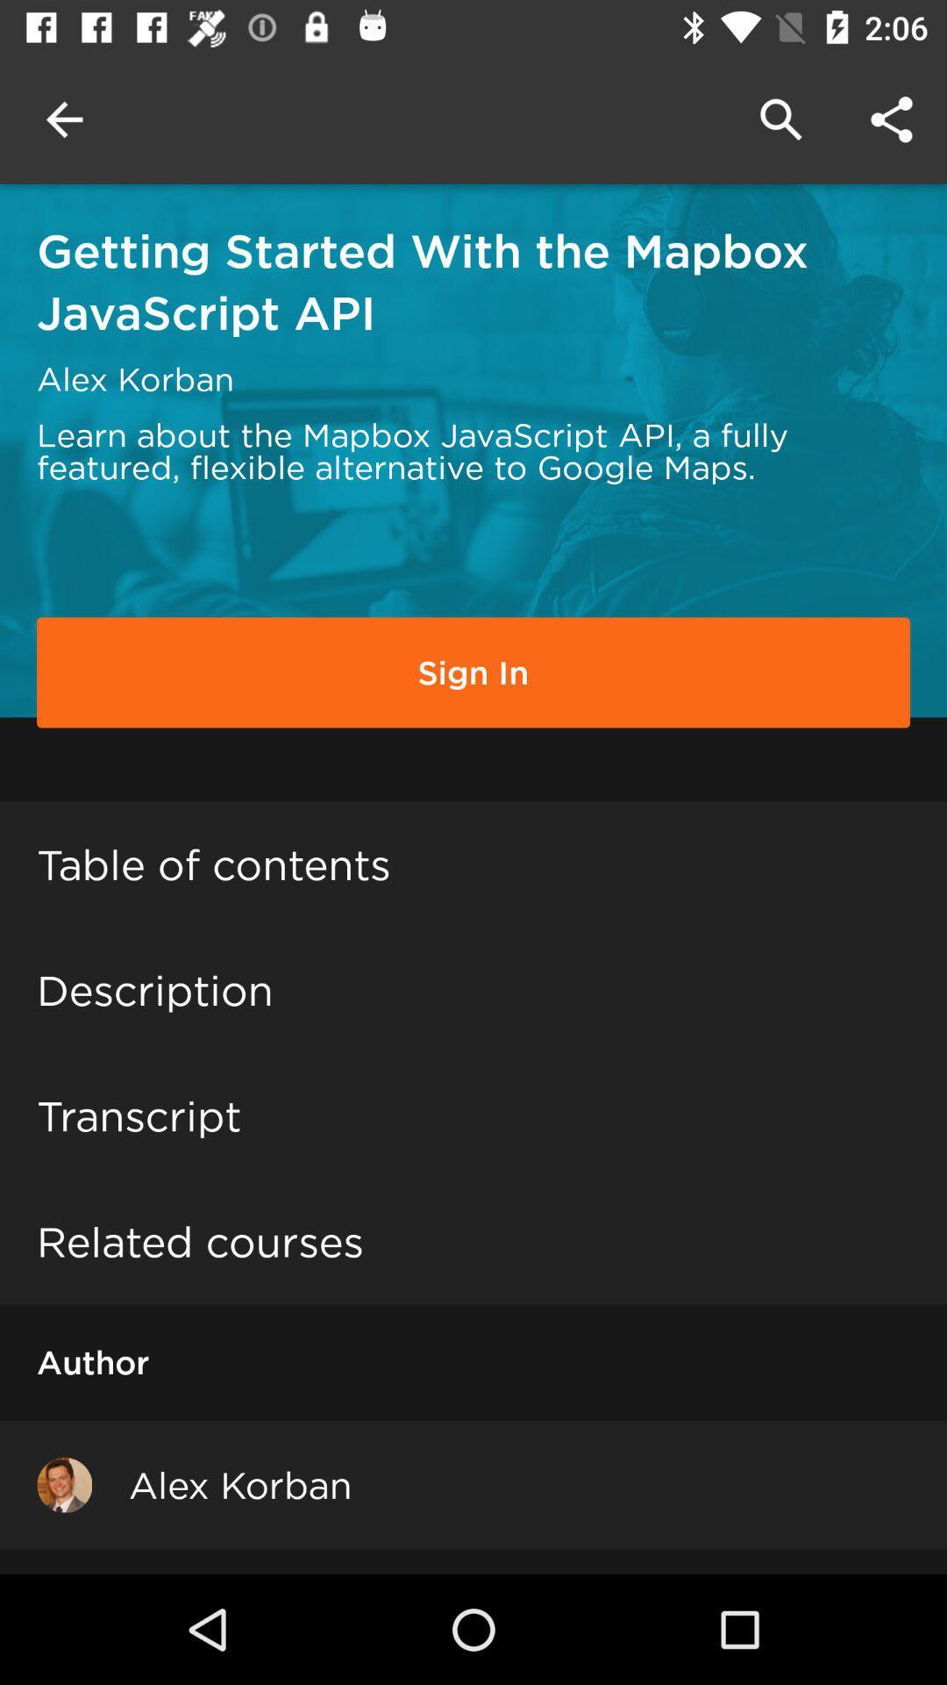 This screenshot has width=947, height=1685. I want to click on the icon at the top left corner, so click(63, 118).